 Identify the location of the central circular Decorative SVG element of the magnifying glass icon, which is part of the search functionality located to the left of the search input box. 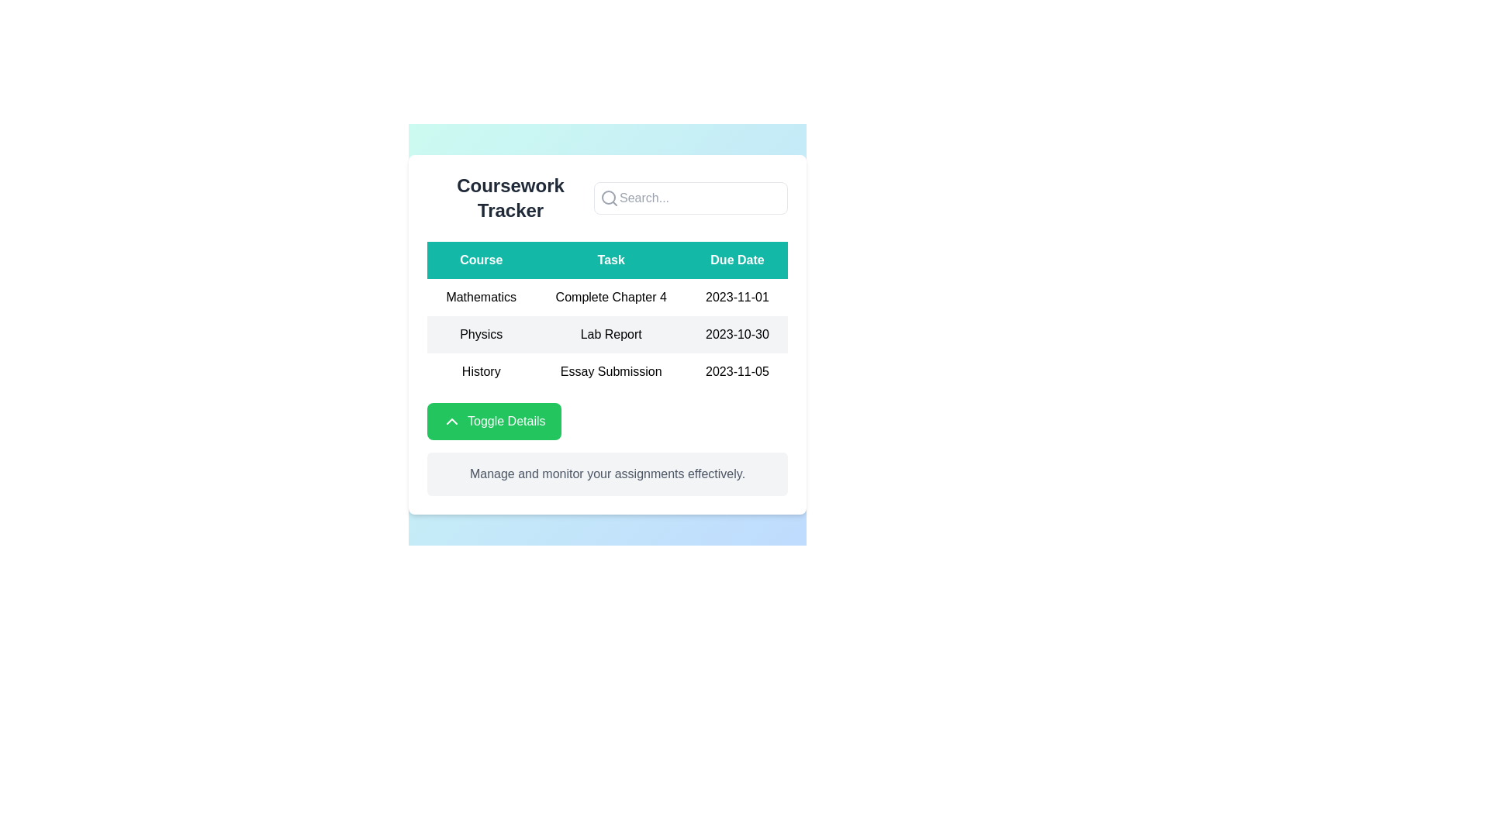
(608, 196).